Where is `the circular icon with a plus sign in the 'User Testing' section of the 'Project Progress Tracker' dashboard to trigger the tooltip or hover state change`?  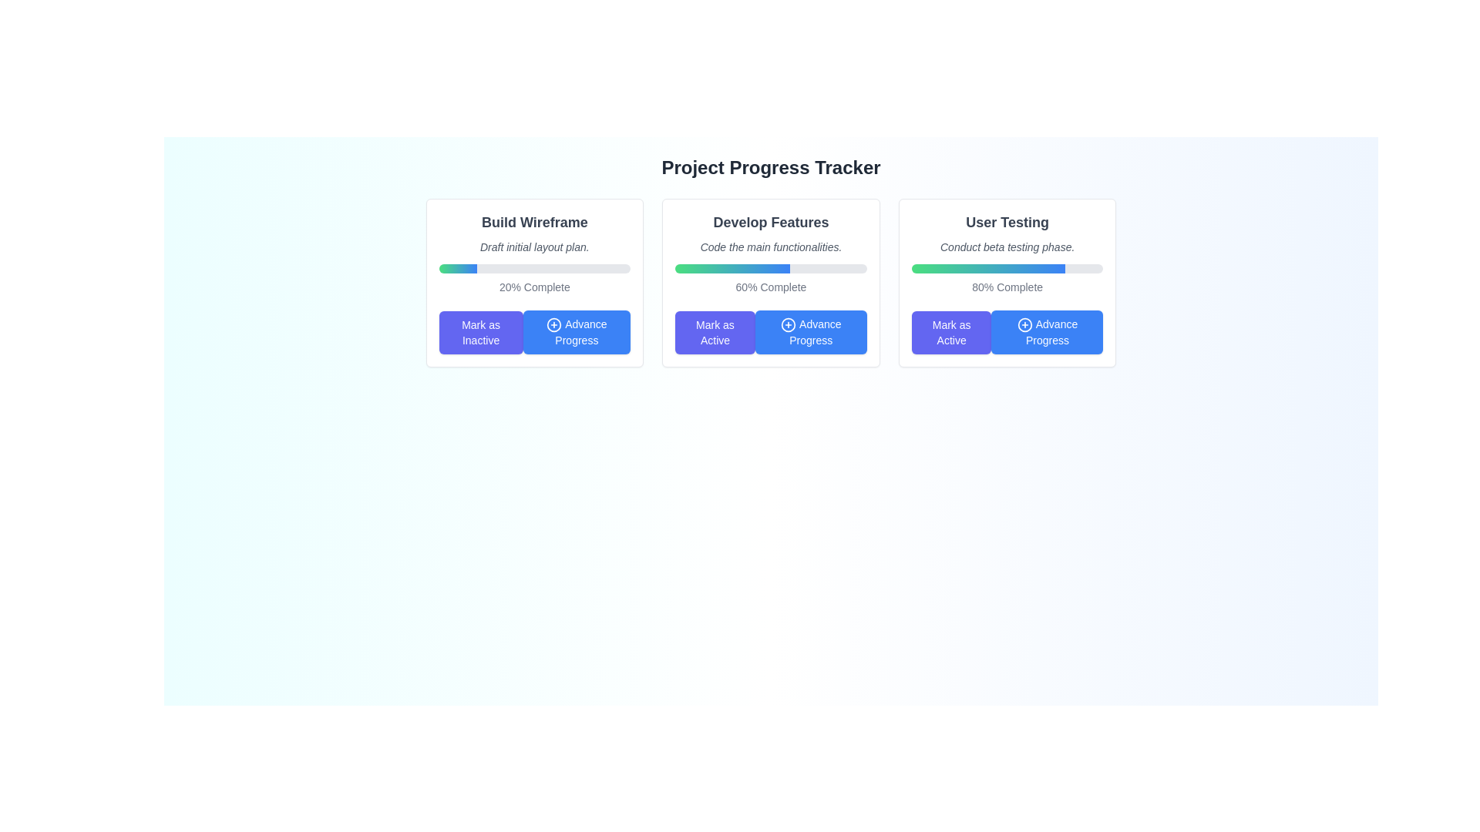
the circular icon with a plus sign in the 'User Testing' section of the 'Project Progress Tracker' dashboard to trigger the tooltip or hover state change is located at coordinates (1024, 324).